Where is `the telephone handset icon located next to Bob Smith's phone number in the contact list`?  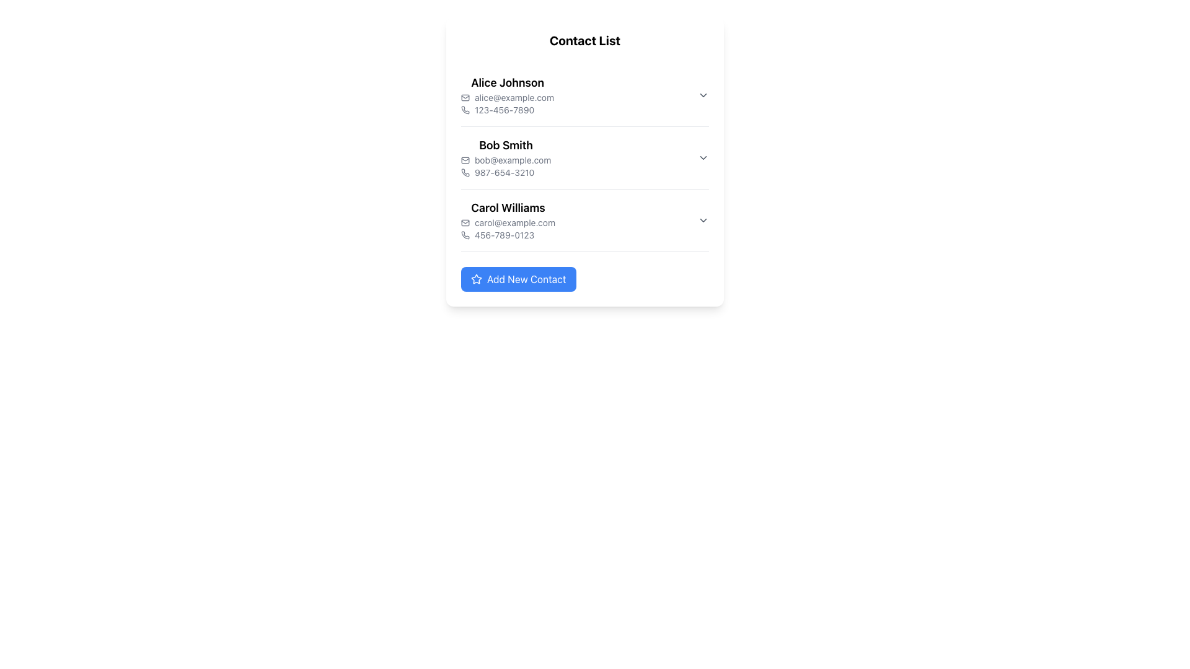
the telephone handset icon located next to Bob Smith's phone number in the contact list is located at coordinates (465, 172).